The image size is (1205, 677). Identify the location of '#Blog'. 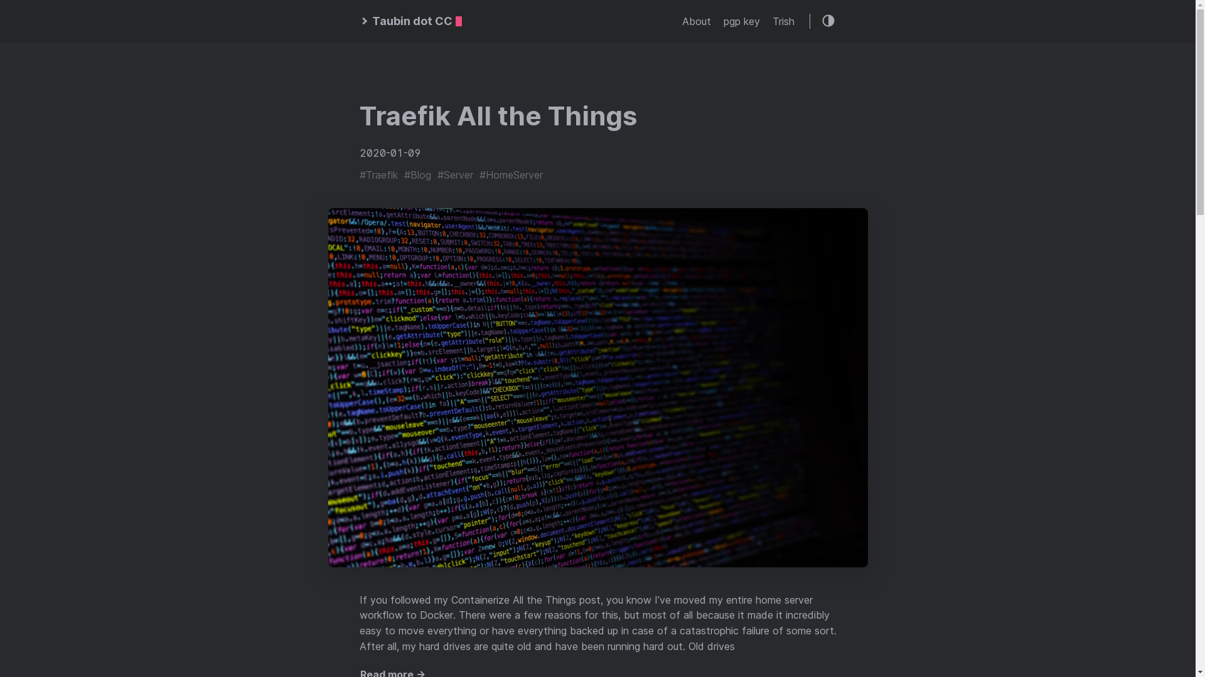
(417, 174).